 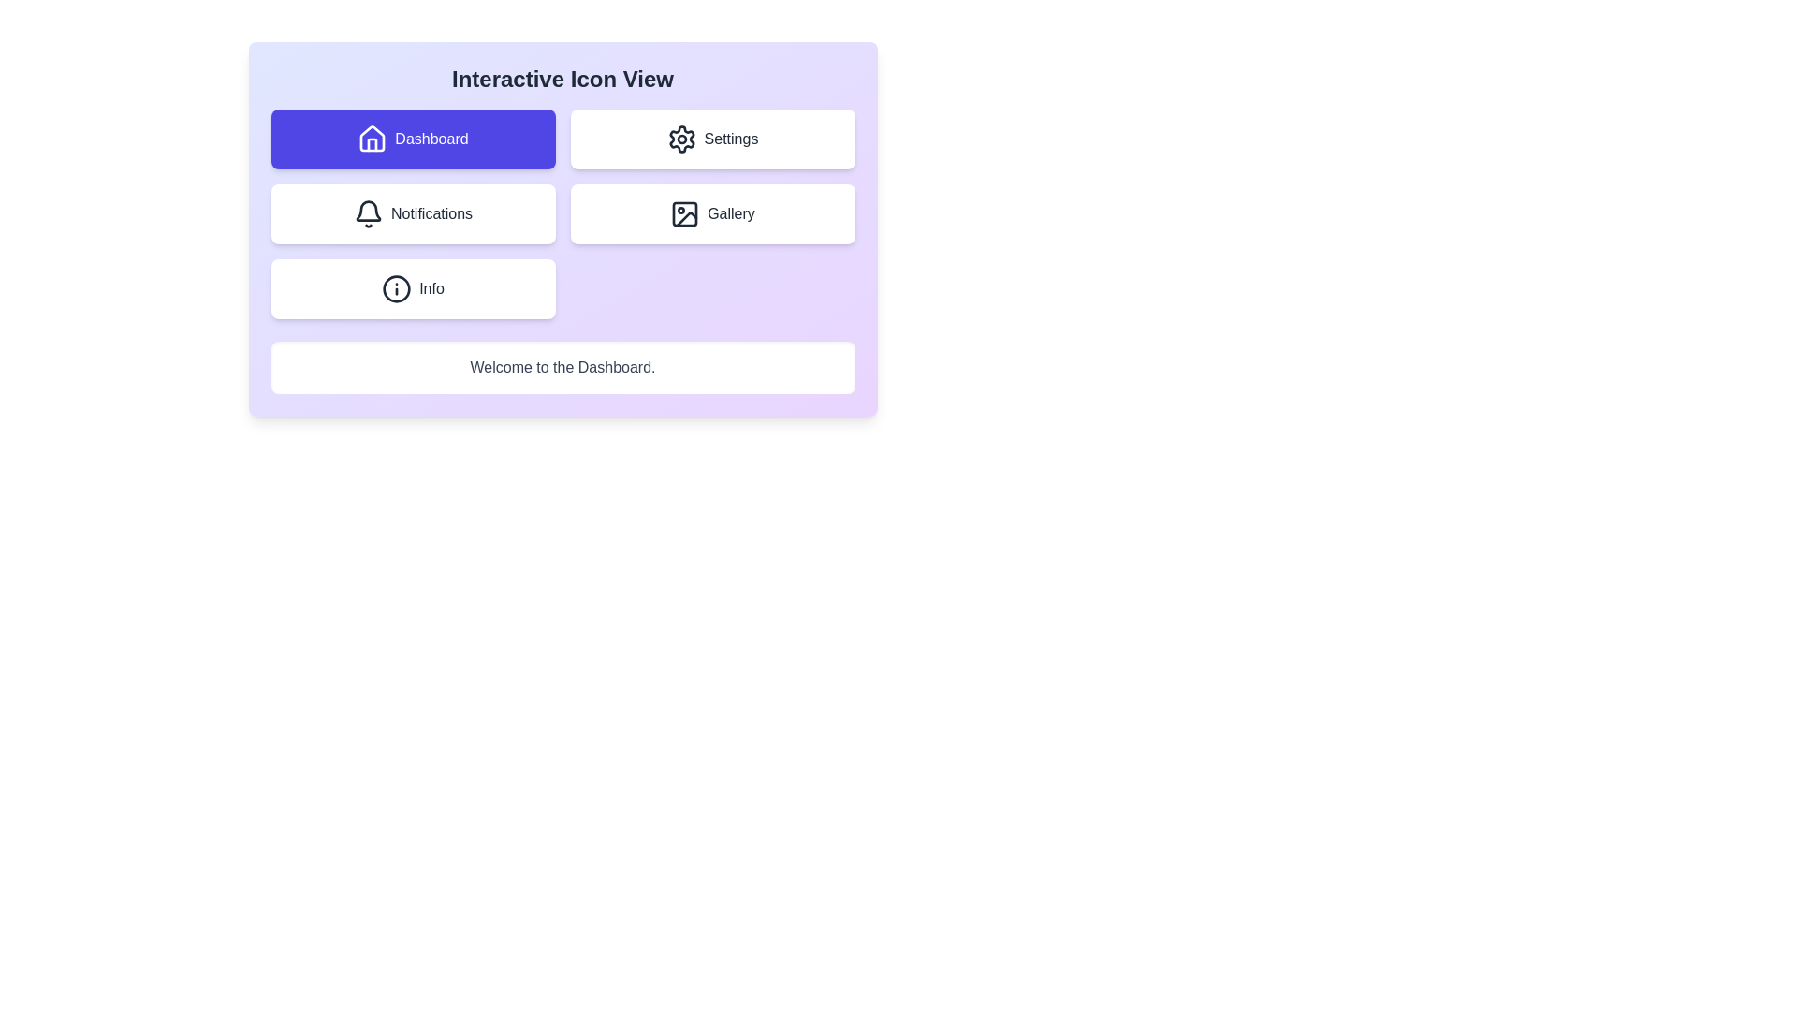 I want to click on the text label for the 'Dashboard' button, which is located at the upper-left corner of the layout and indicates the functionality of navigating to the dashboard page, so click(x=431, y=139).